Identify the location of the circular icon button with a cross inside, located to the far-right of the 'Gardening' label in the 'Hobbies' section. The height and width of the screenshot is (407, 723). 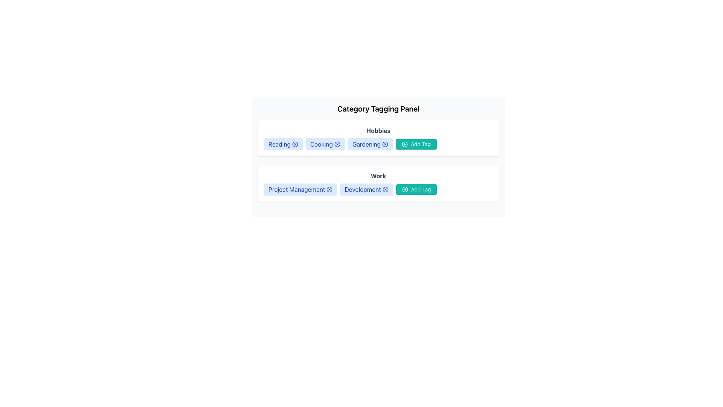
(385, 144).